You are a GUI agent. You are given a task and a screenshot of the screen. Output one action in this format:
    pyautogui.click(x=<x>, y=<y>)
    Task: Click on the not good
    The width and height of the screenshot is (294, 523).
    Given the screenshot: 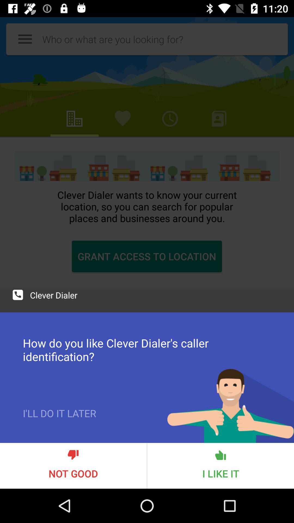 What is the action you would take?
    pyautogui.click(x=73, y=465)
    